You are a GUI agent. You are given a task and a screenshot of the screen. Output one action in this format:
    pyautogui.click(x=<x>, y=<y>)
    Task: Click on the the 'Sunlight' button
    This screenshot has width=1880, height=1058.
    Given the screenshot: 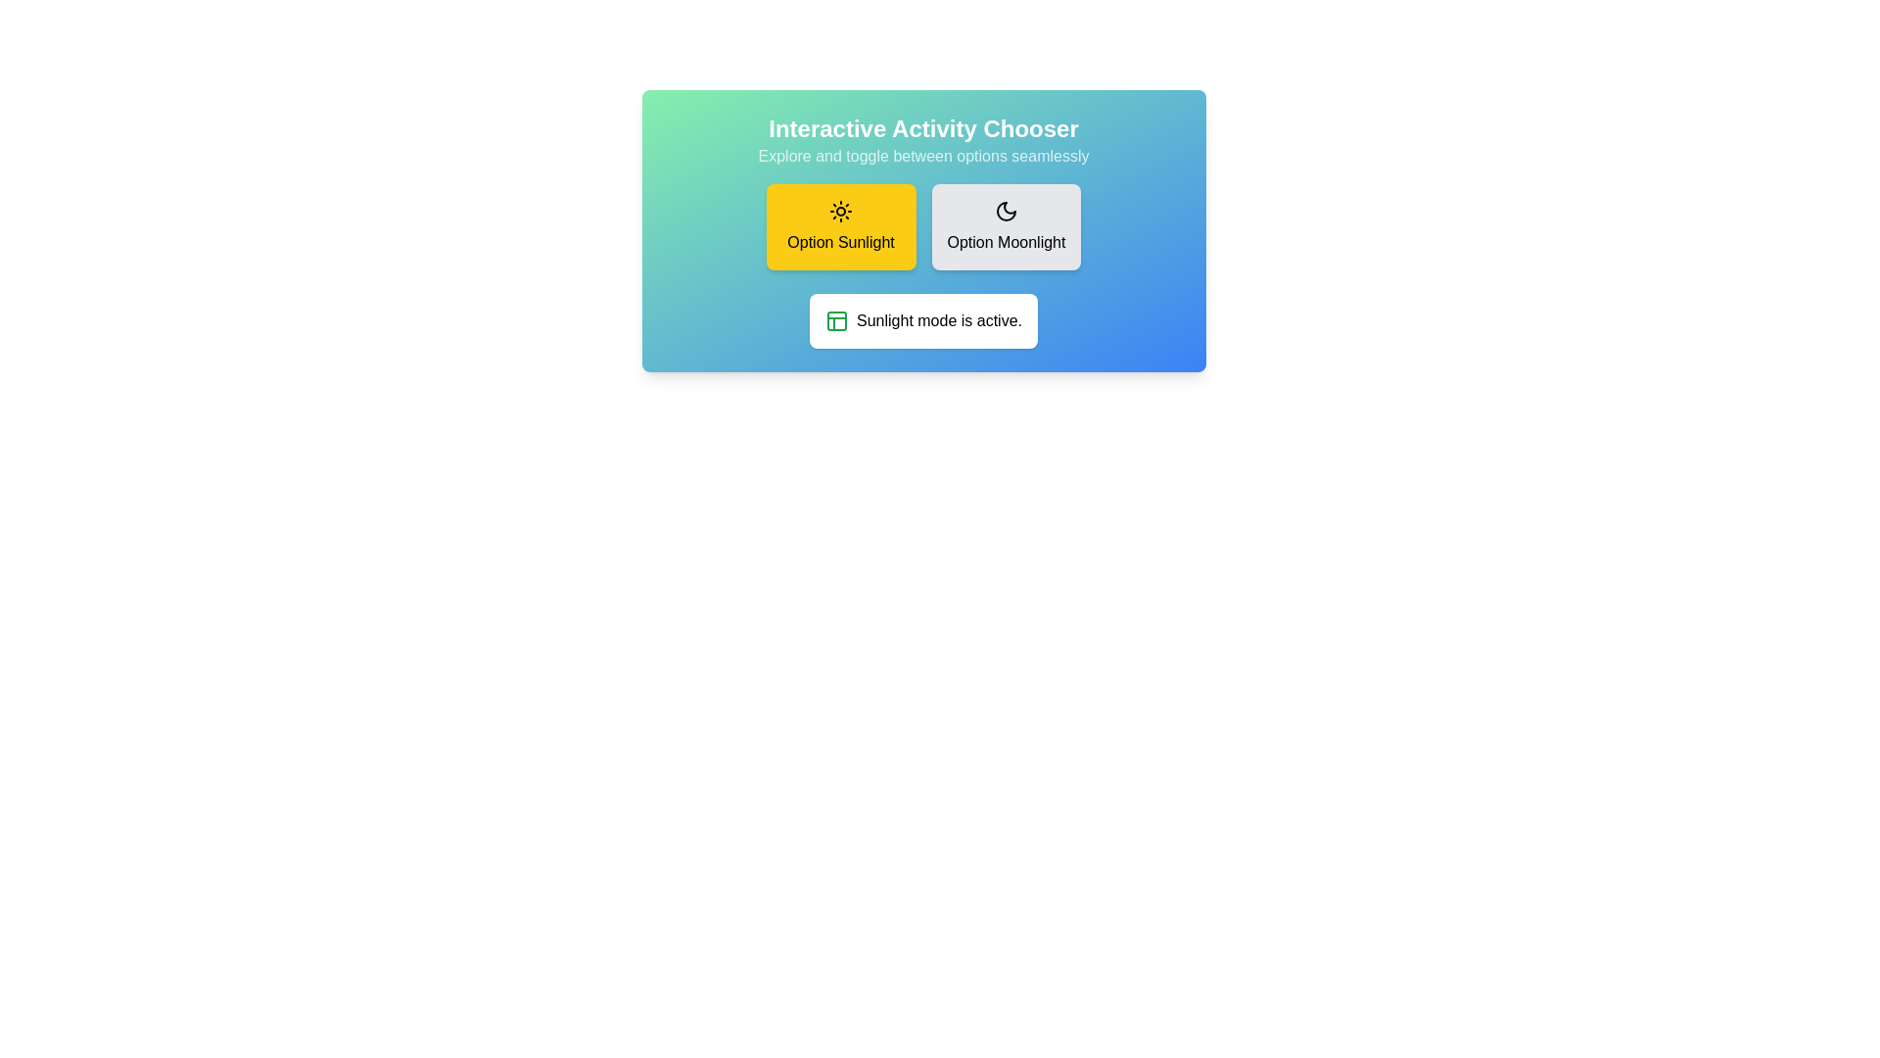 What is the action you would take?
    pyautogui.click(x=841, y=225)
    